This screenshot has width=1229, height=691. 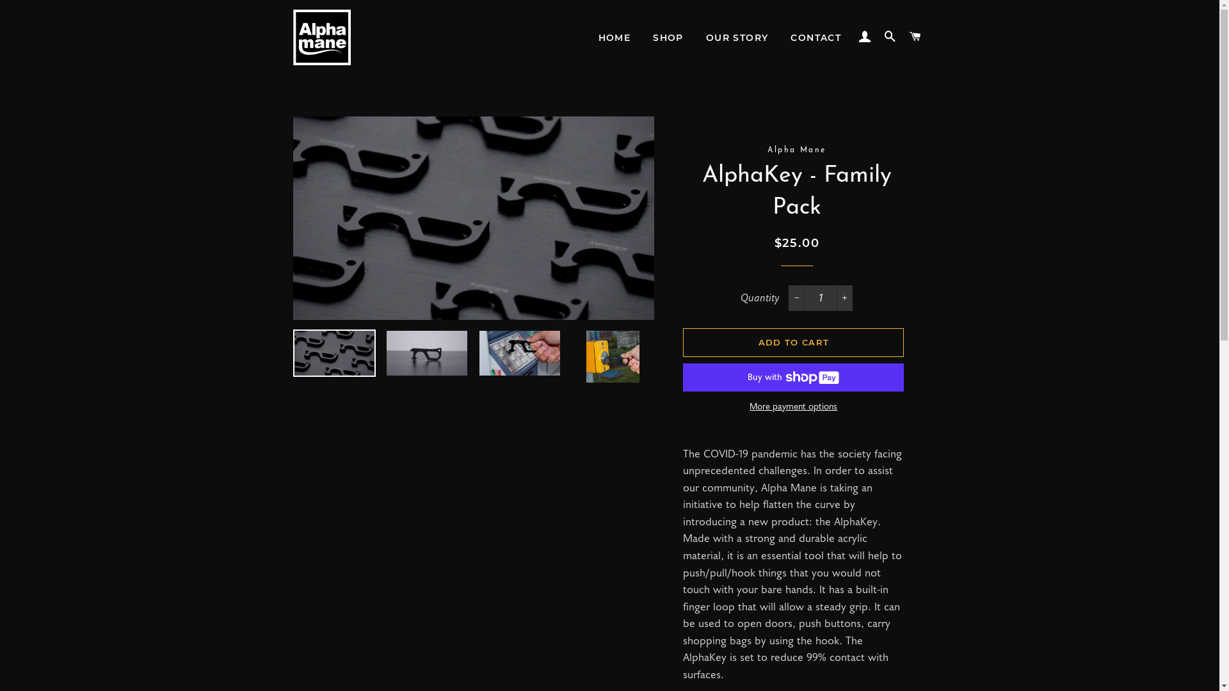 What do you see at coordinates (792, 407) in the screenshot?
I see `'More payment options'` at bounding box center [792, 407].